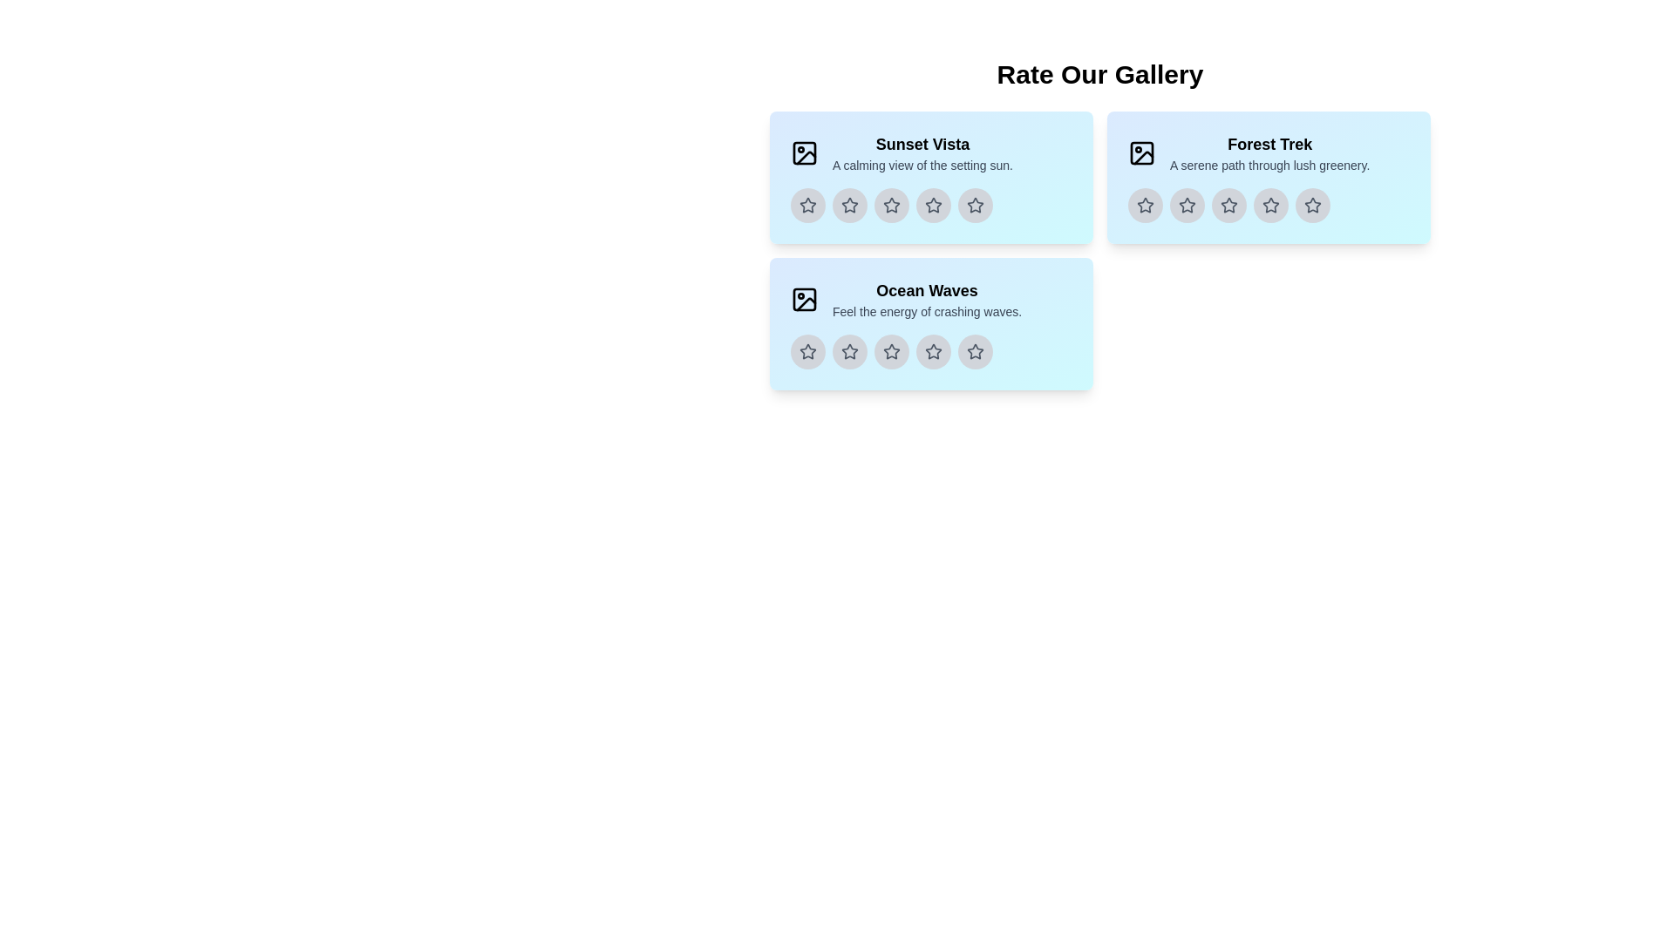 This screenshot has width=1674, height=941. I want to click on keyboard navigation, so click(891, 204).